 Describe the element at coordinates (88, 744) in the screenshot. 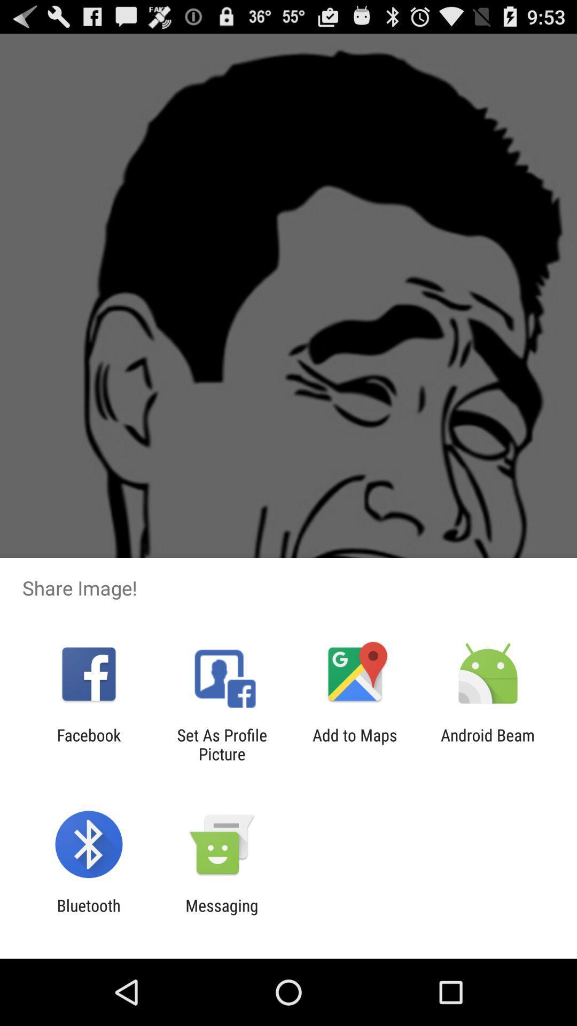

I see `facebook icon` at that location.